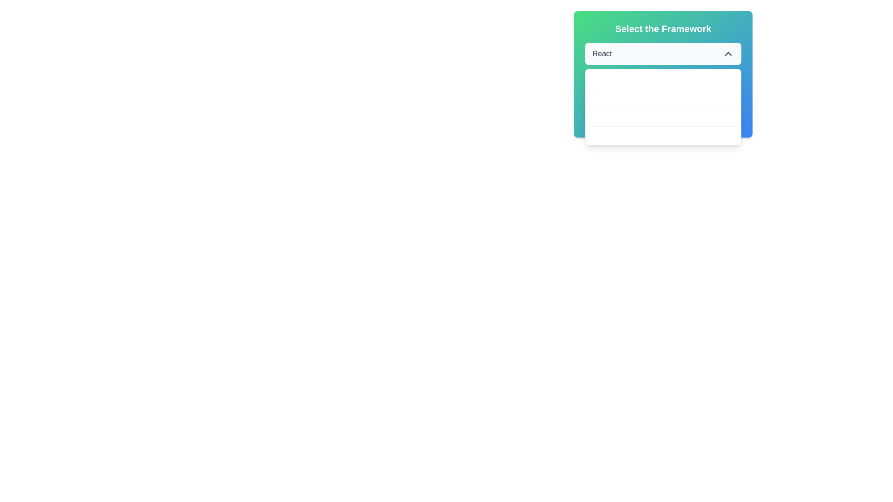  Describe the element at coordinates (662, 28) in the screenshot. I see `the Text Header indicating the purpose of selecting a framework, which is located at the top of a card-like UI component with a gradient background from green to blue` at that location.